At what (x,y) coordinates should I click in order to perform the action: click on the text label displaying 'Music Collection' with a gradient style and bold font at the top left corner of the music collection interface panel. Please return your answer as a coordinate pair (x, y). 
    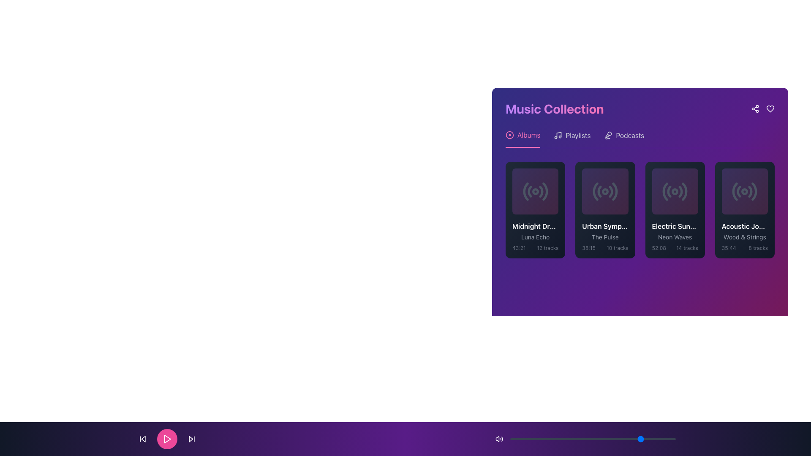
    Looking at the image, I should click on (555, 109).